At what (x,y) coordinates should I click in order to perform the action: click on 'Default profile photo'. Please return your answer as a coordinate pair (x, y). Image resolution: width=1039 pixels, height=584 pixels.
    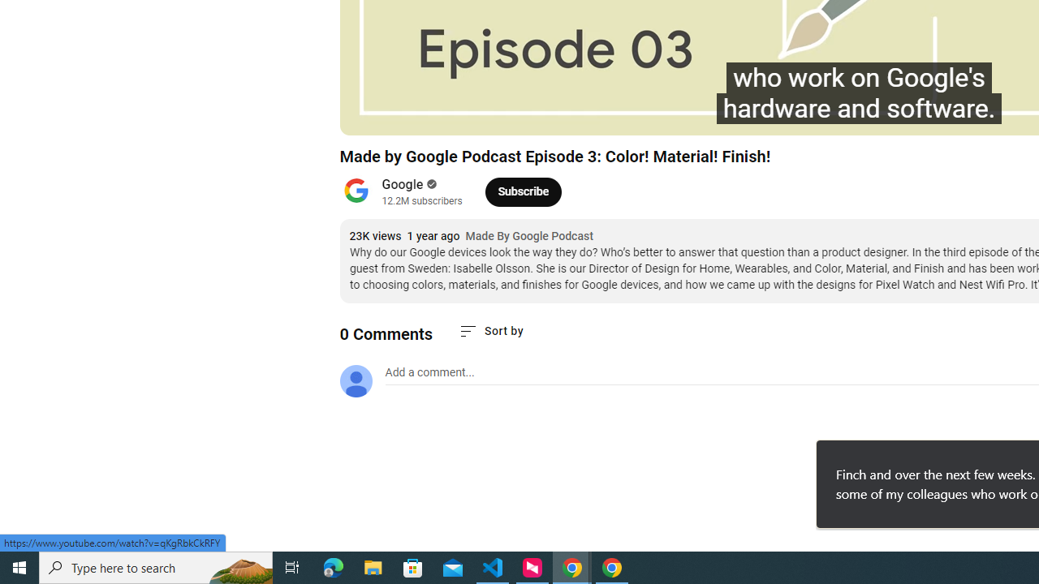
    Looking at the image, I should click on (356, 381).